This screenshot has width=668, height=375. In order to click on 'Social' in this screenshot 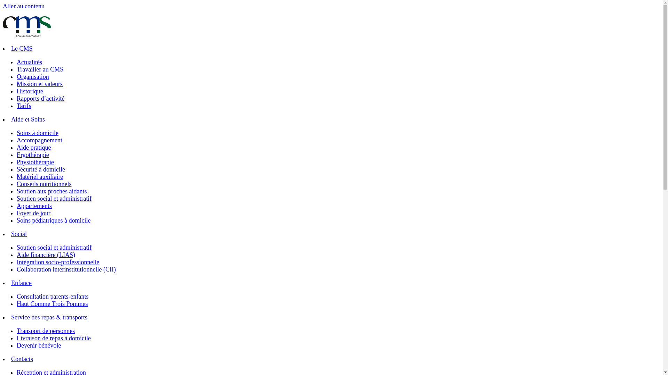, I will do `click(19, 234)`.